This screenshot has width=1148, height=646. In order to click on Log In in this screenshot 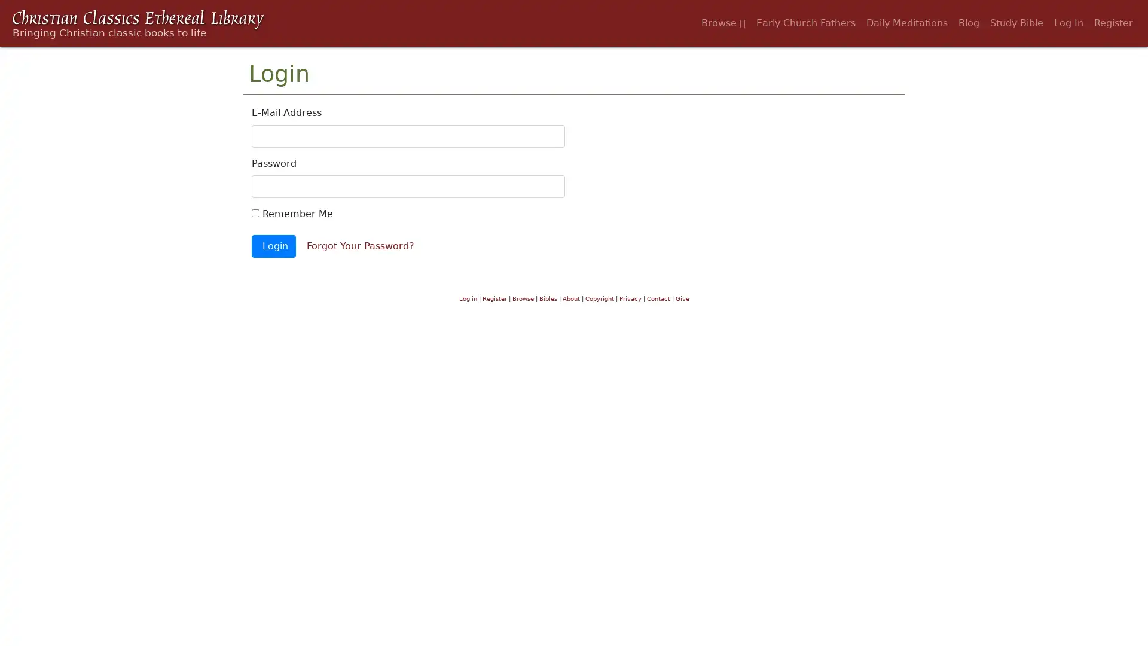, I will do `click(1068, 23)`.